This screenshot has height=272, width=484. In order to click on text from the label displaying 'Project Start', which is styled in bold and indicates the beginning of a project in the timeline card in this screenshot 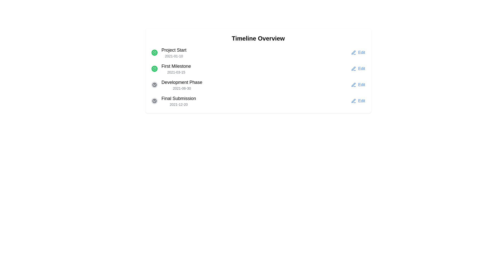, I will do `click(174, 50)`.